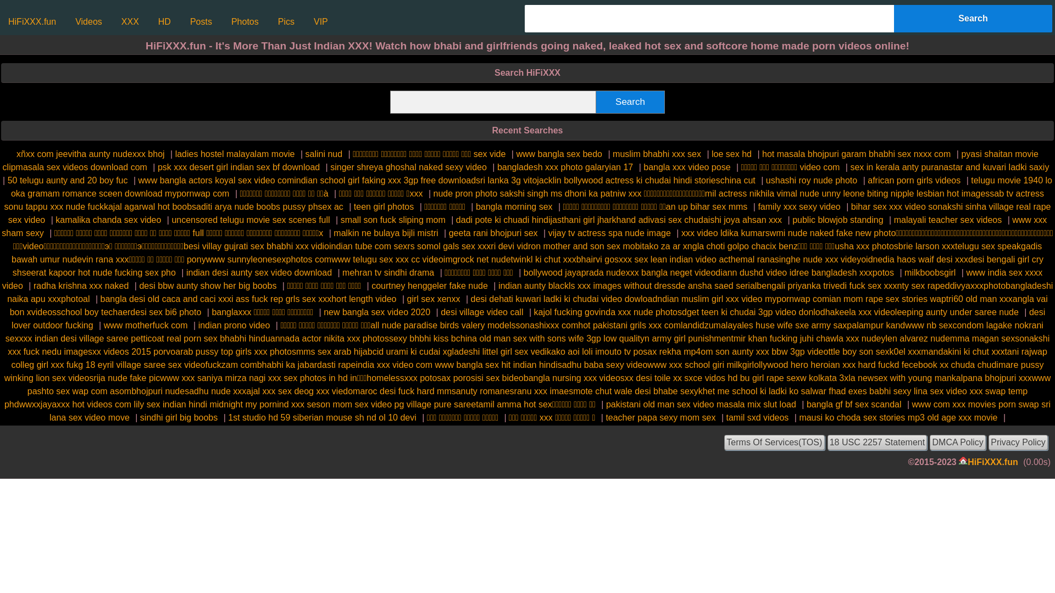 The width and height of the screenshot is (1055, 593). I want to click on 'desi village video call', so click(440, 312).